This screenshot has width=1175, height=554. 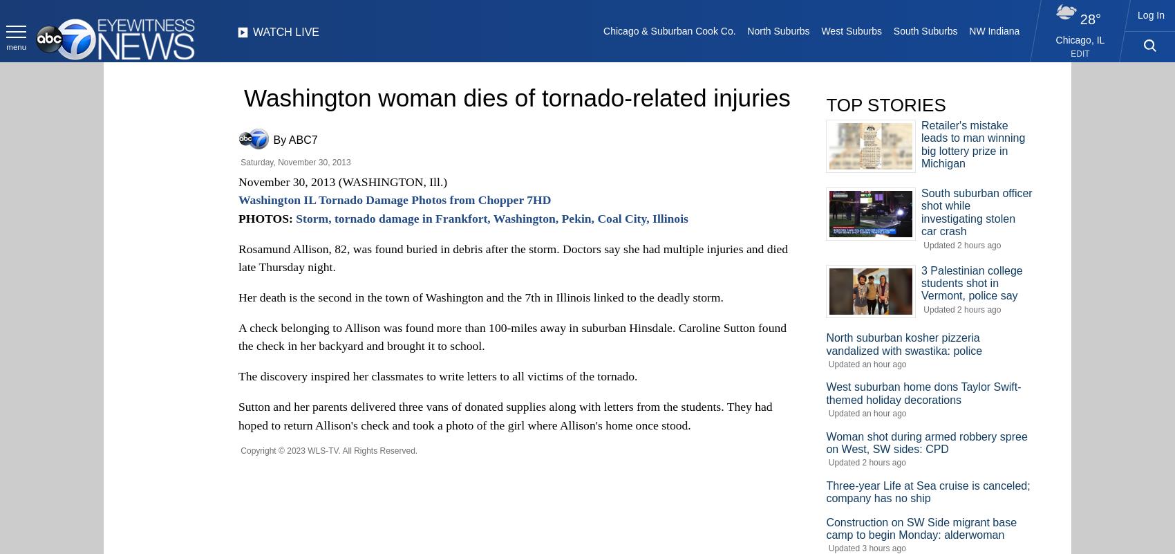 What do you see at coordinates (993, 30) in the screenshot?
I see `'NW Indiana'` at bounding box center [993, 30].